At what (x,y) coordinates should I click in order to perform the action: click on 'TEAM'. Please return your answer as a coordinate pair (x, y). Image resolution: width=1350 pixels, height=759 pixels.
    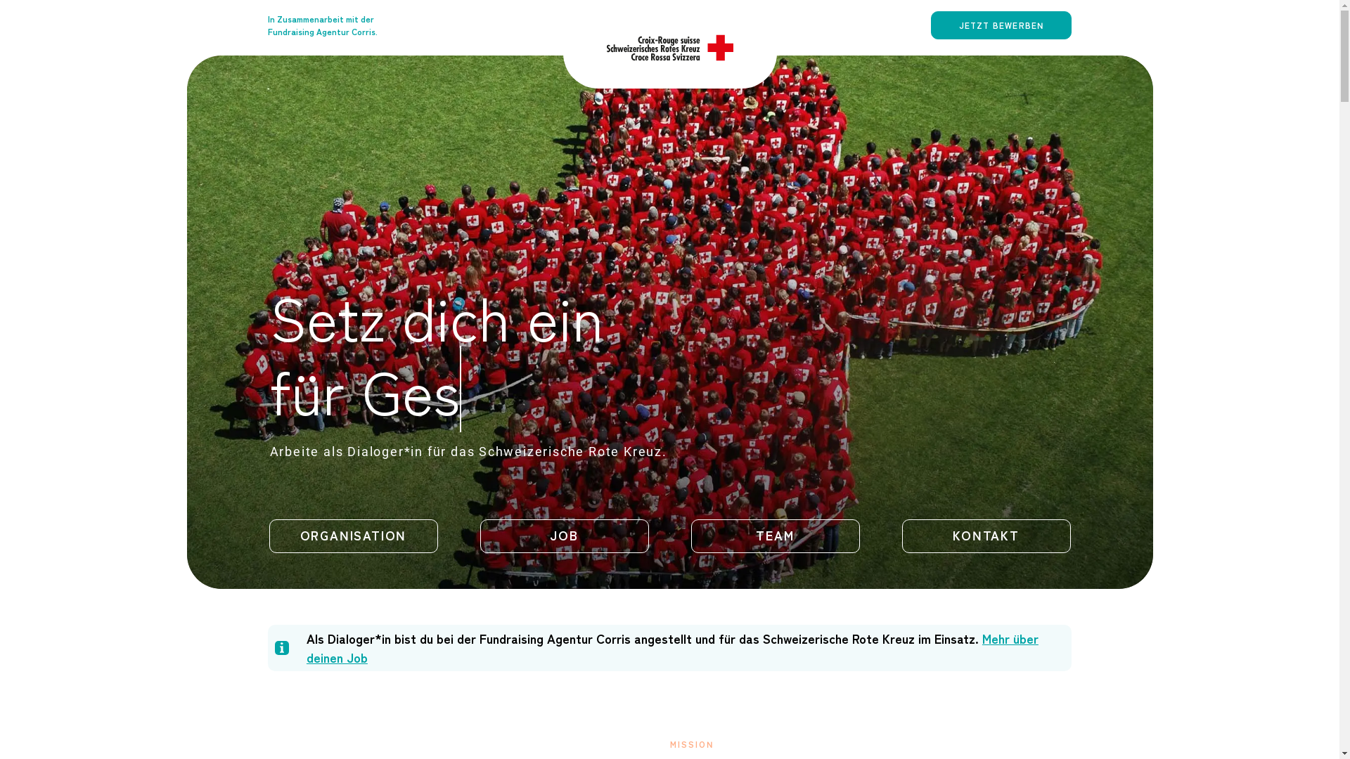
    Looking at the image, I should click on (774, 536).